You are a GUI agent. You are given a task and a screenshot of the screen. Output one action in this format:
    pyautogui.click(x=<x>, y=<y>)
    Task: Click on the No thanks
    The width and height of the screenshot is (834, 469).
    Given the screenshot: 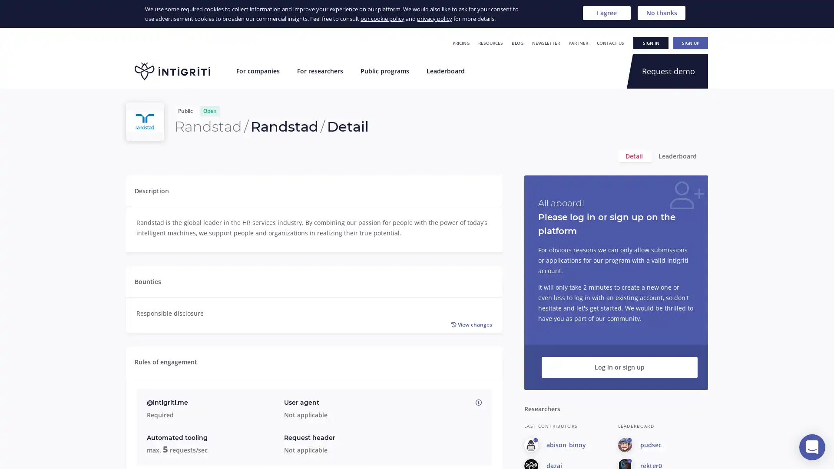 What is the action you would take?
    pyautogui.click(x=661, y=13)
    